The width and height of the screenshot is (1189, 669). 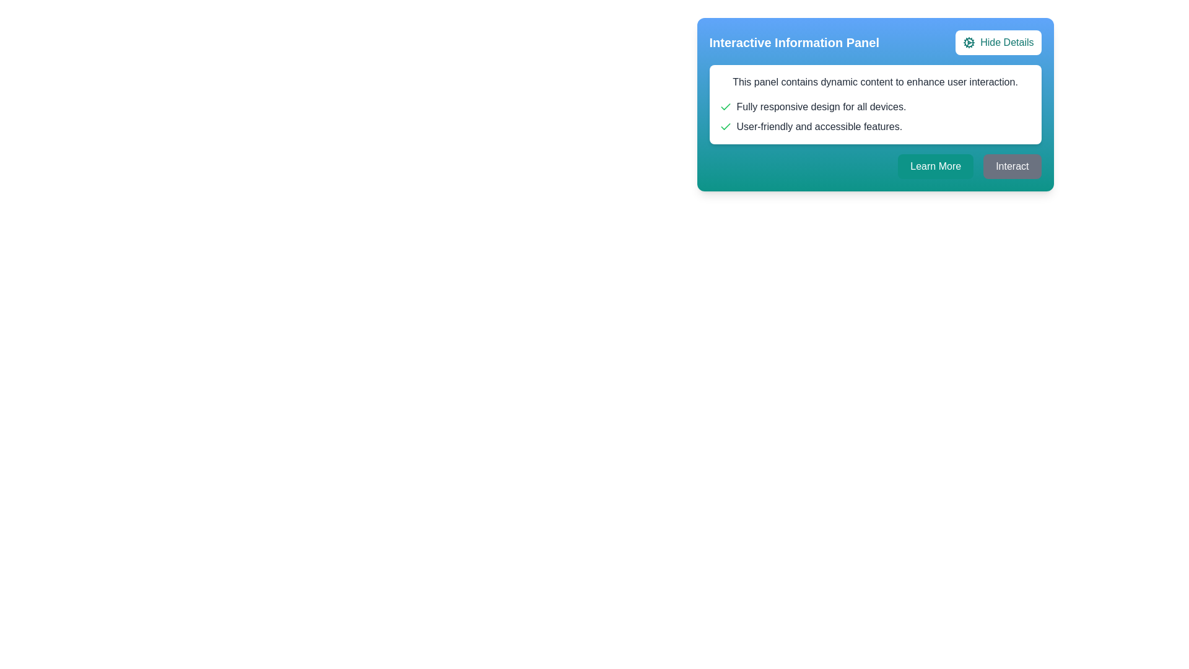 I want to click on the button located in the bottom-right part of the teal panel, which is aligned next to the 'Interact' button, so click(x=936, y=166).